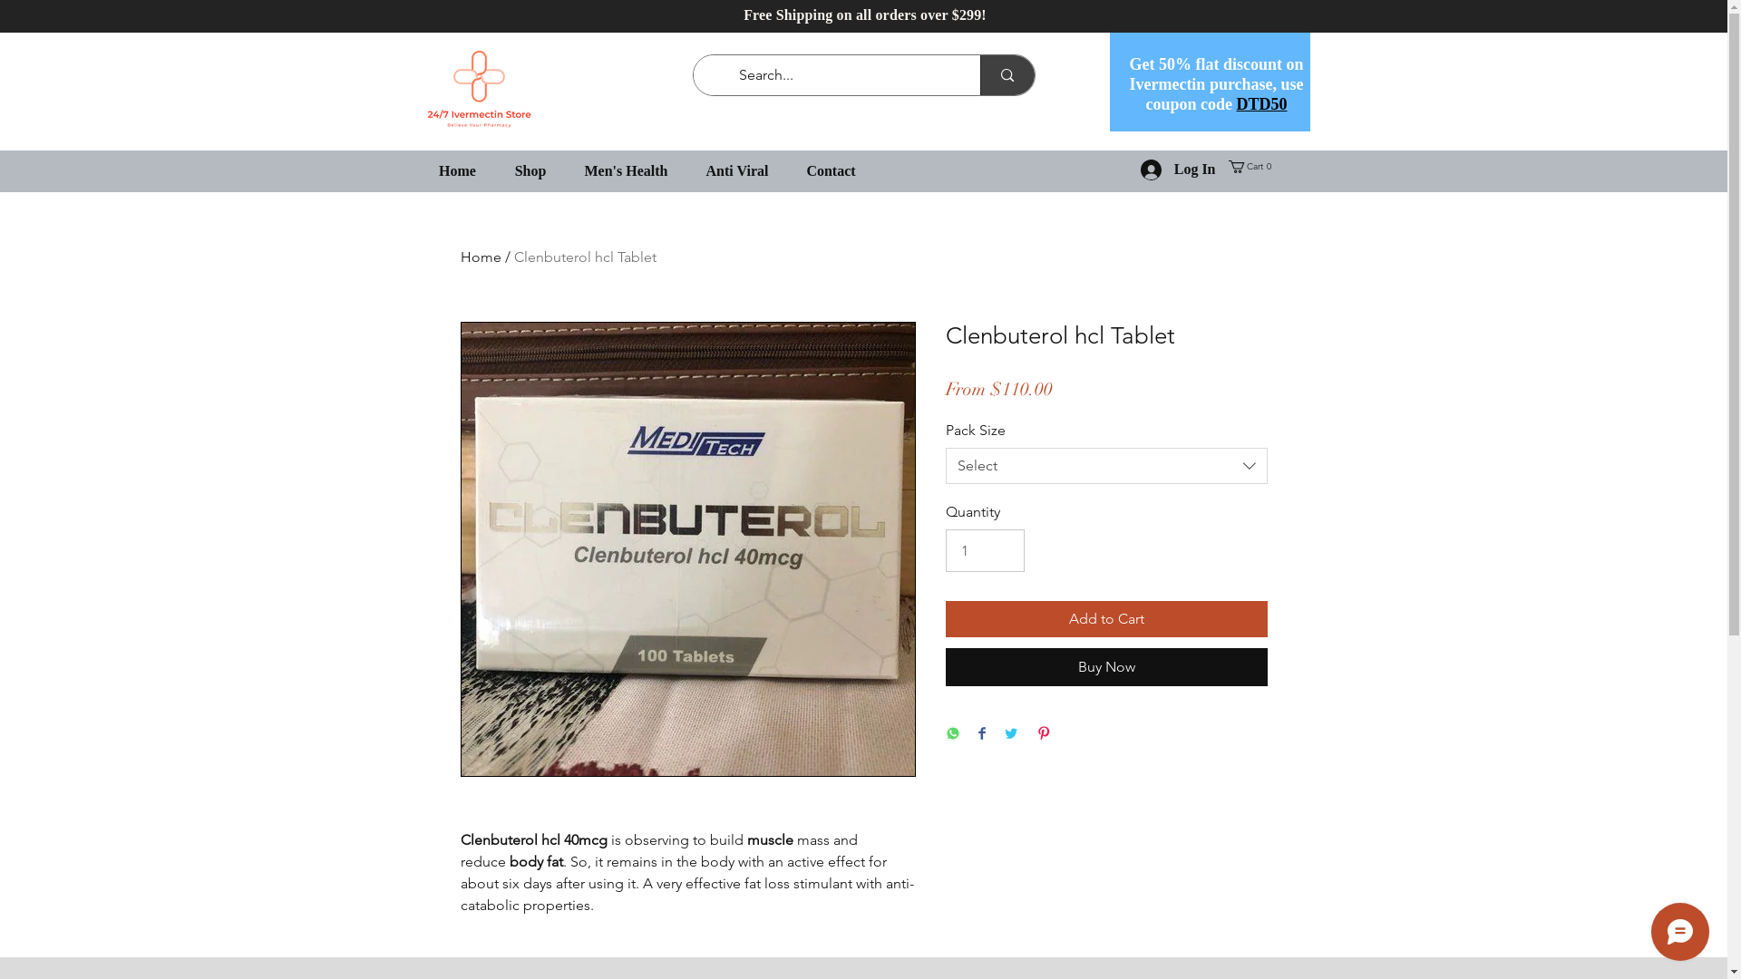  What do you see at coordinates (529, 170) in the screenshot?
I see `'Shop'` at bounding box center [529, 170].